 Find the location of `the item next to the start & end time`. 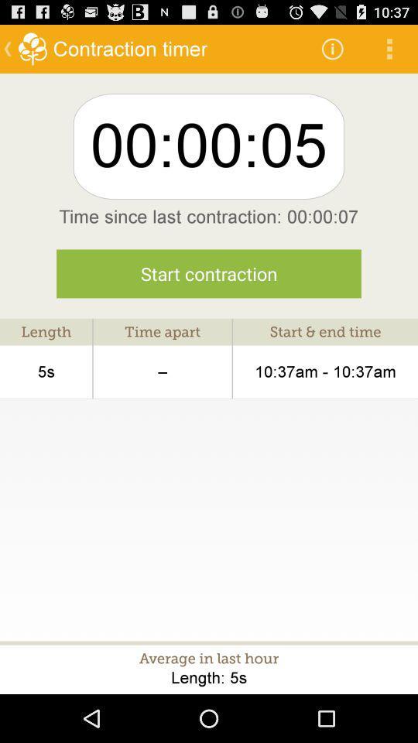

the item next to the start & end time is located at coordinates (162, 371).